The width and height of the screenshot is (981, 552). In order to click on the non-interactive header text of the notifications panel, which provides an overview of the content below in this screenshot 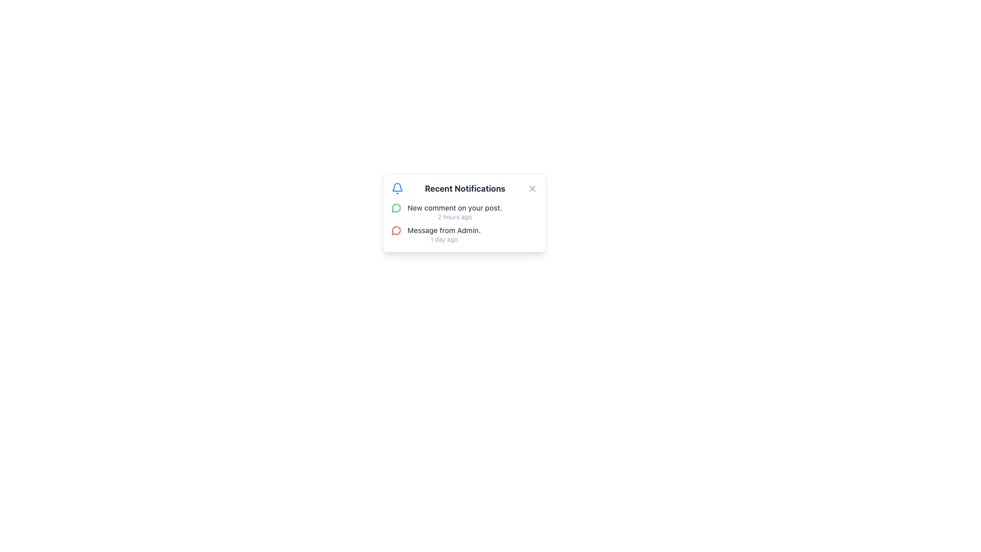, I will do `click(463, 189)`.